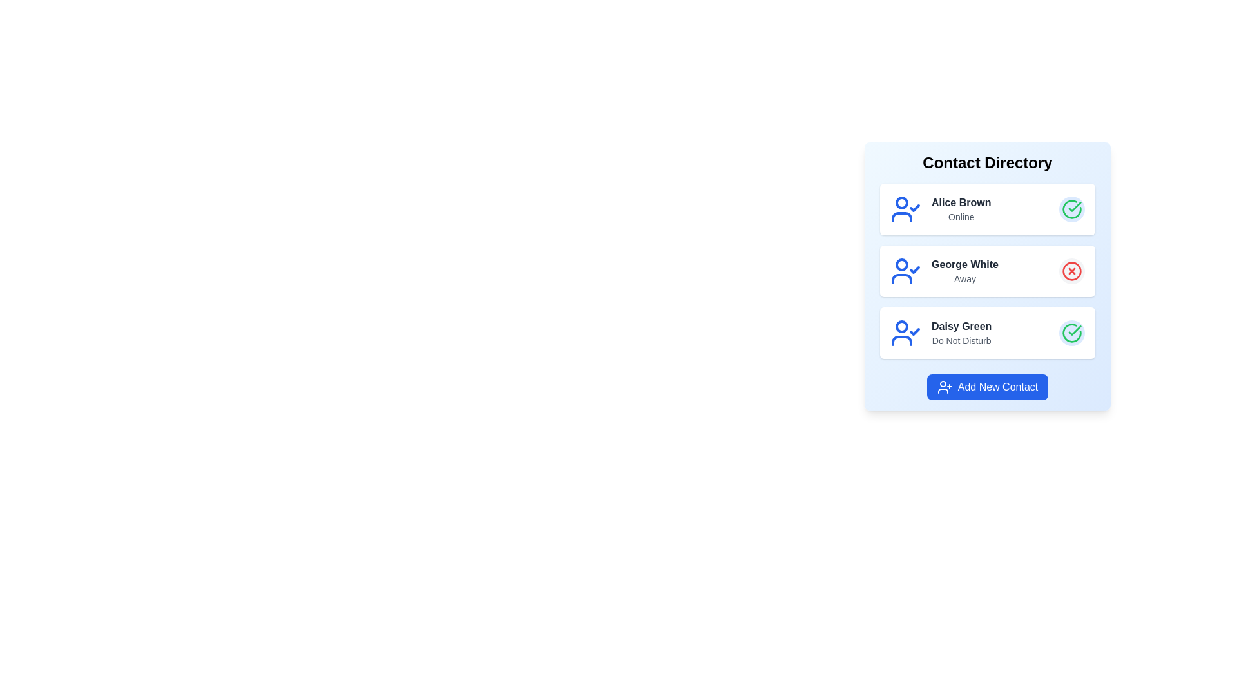 The image size is (1237, 696). I want to click on the 'Add New Contact' button to initiate adding a new contact, so click(986, 387).